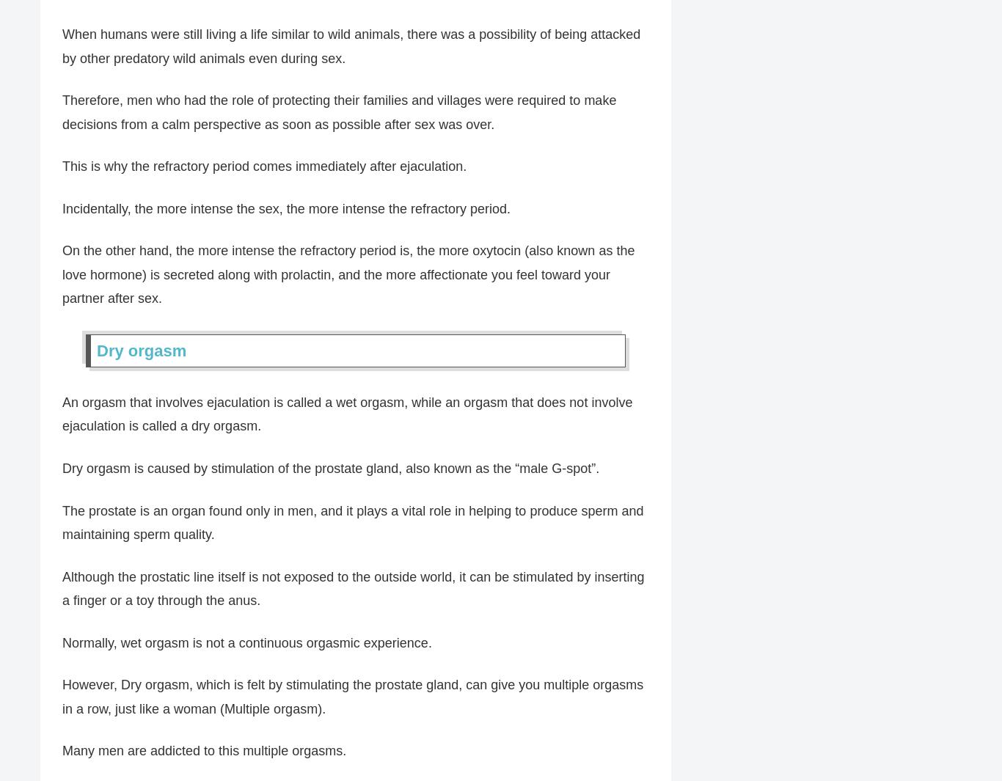 Image resolution: width=1002 pixels, height=781 pixels. What do you see at coordinates (339, 111) in the screenshot?
I see `'Therefore, men who had the role of protecting their families and villages were required to make decisions from a calm perspective as soon as possible after sex was over.'` at bounding box center [339, 111].